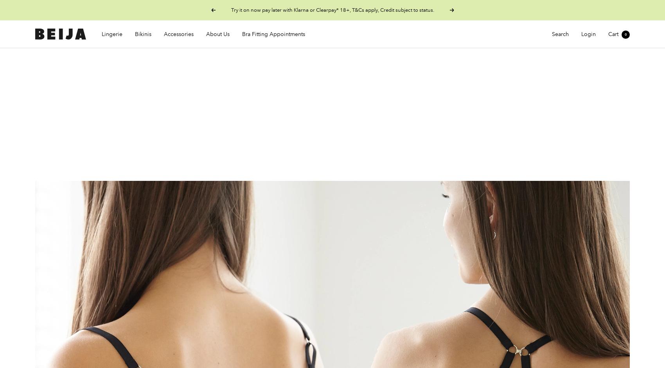 The width and height of the screenshot is (665, 368). I want to click on 'Z BRA', so click(524, 149).